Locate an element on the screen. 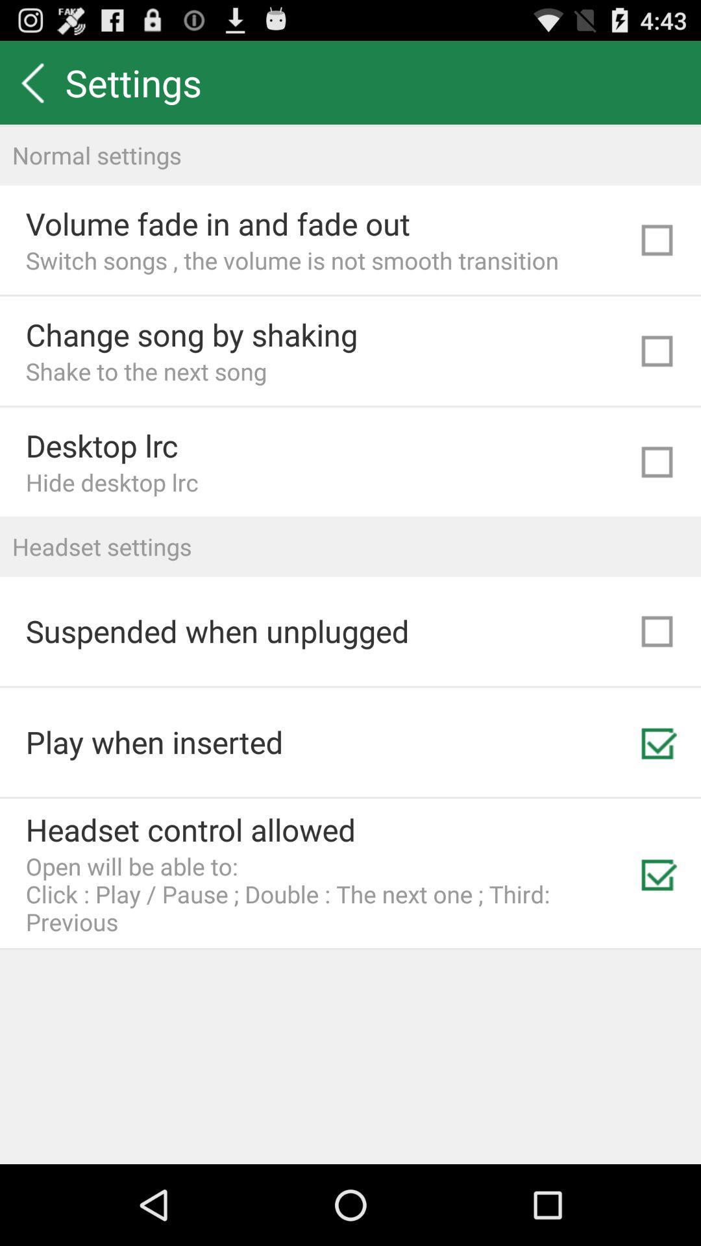  play when inserted icon is located at coordinates (154, 742).